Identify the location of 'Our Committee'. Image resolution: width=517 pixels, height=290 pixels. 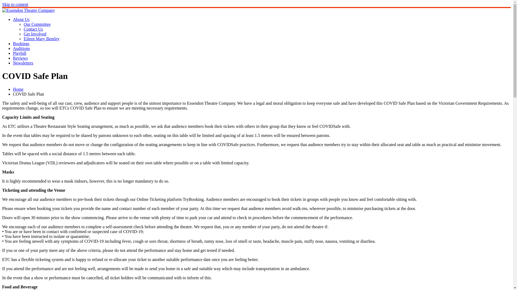
(23, 24).